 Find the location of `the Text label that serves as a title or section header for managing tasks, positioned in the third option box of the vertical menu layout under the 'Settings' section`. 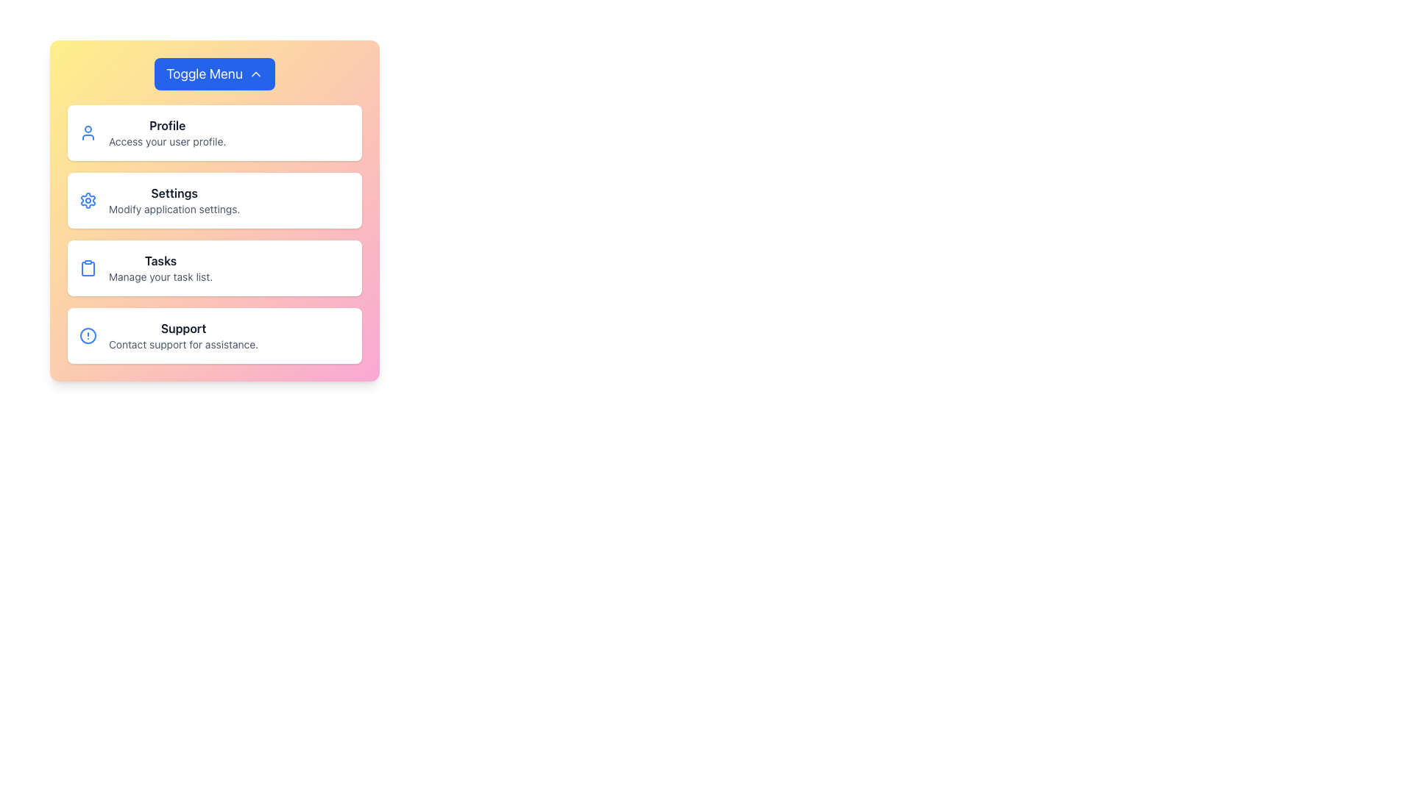

the Text label that serves as a title or section header for managing tasks, positioned in the third option box of the vertical menu layout under the 'Settings' section is located at coordinates (160, 260).